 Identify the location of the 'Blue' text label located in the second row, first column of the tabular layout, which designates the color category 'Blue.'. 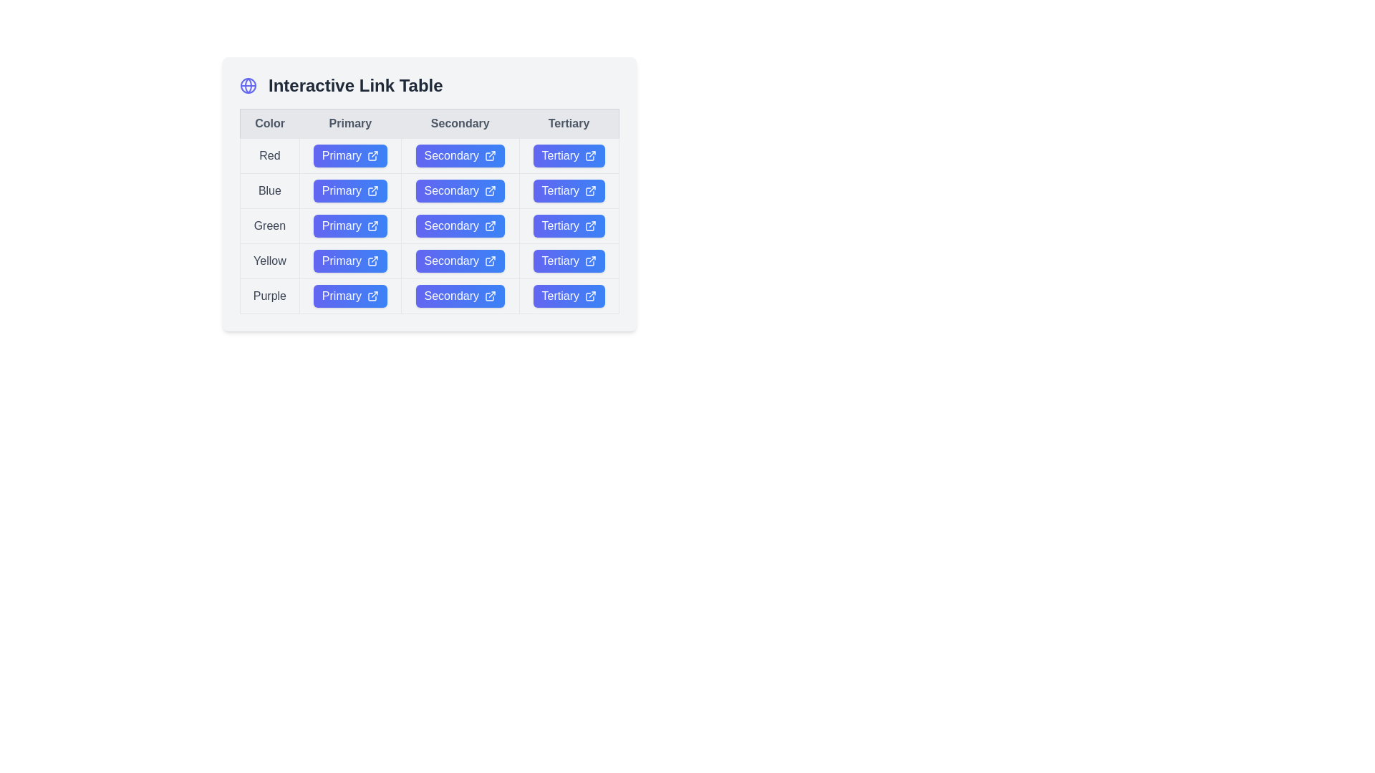
(269, 190).